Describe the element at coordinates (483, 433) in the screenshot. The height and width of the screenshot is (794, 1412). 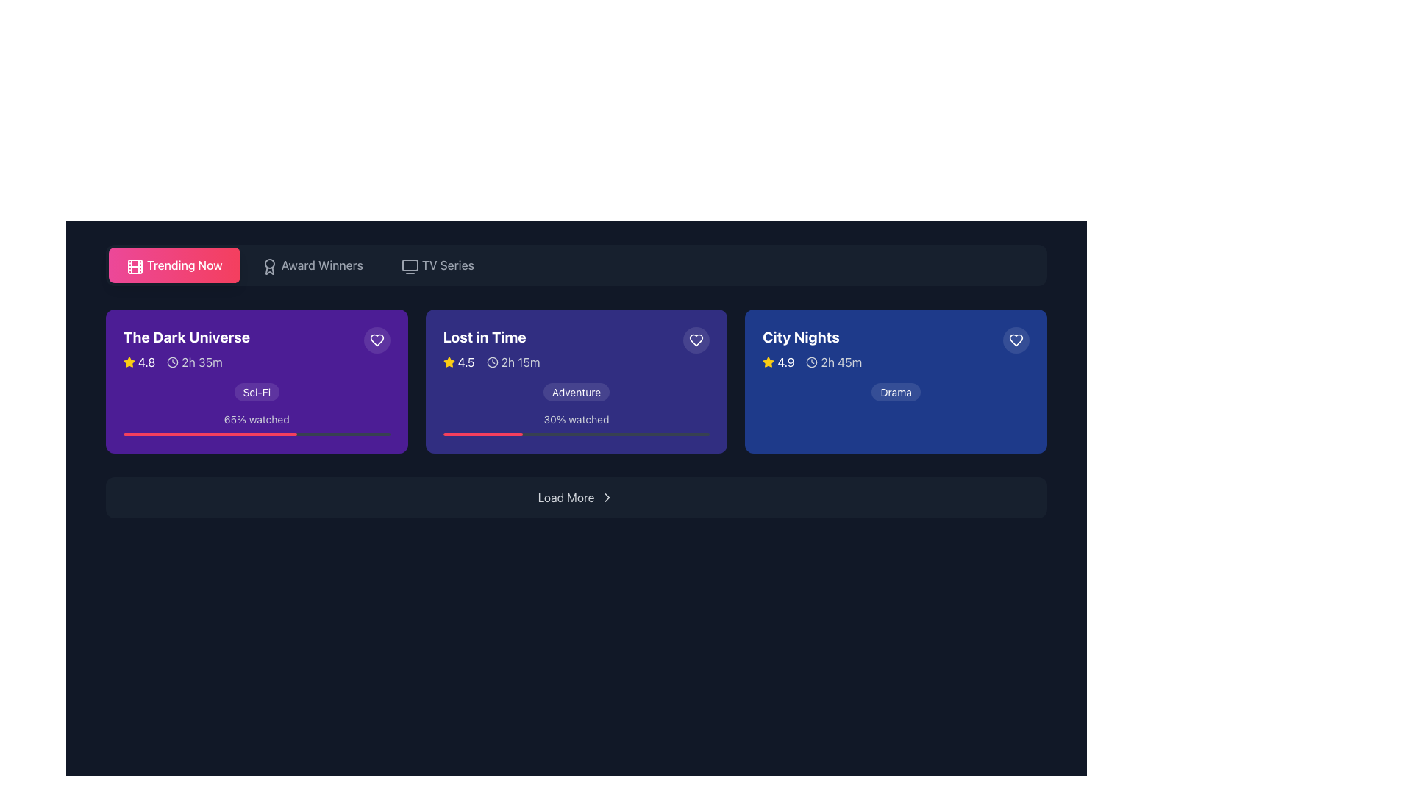
I see `the progress indicator of the 'Lost in Time' movie card, which visually represents the filled portion indicating 30% watched` at that location.